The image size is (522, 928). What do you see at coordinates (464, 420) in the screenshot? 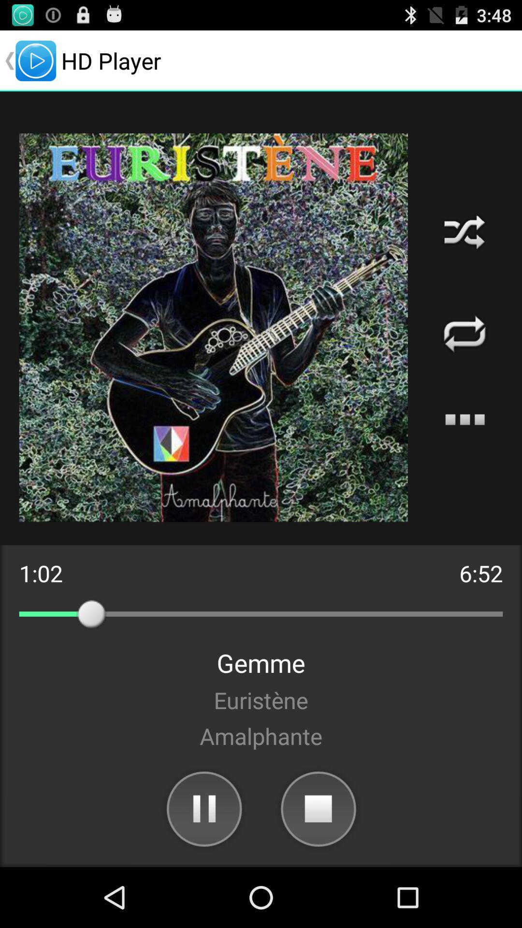
I see `the icon above the 6:52 app` at bounding box center [464, 420].